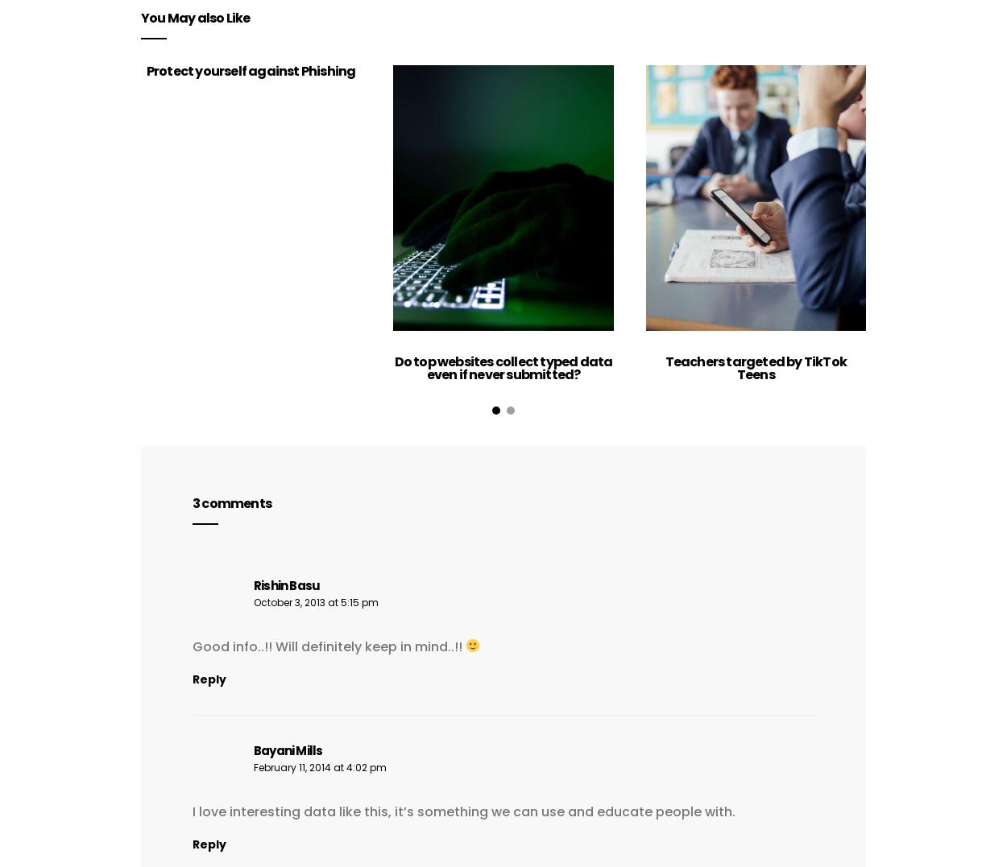 The image size is (1007, 867). What do you see at coordinates (146, 69) in the screenshot?
I see `'Protect yourself against Phishing'` at bounding box center [146, 69].